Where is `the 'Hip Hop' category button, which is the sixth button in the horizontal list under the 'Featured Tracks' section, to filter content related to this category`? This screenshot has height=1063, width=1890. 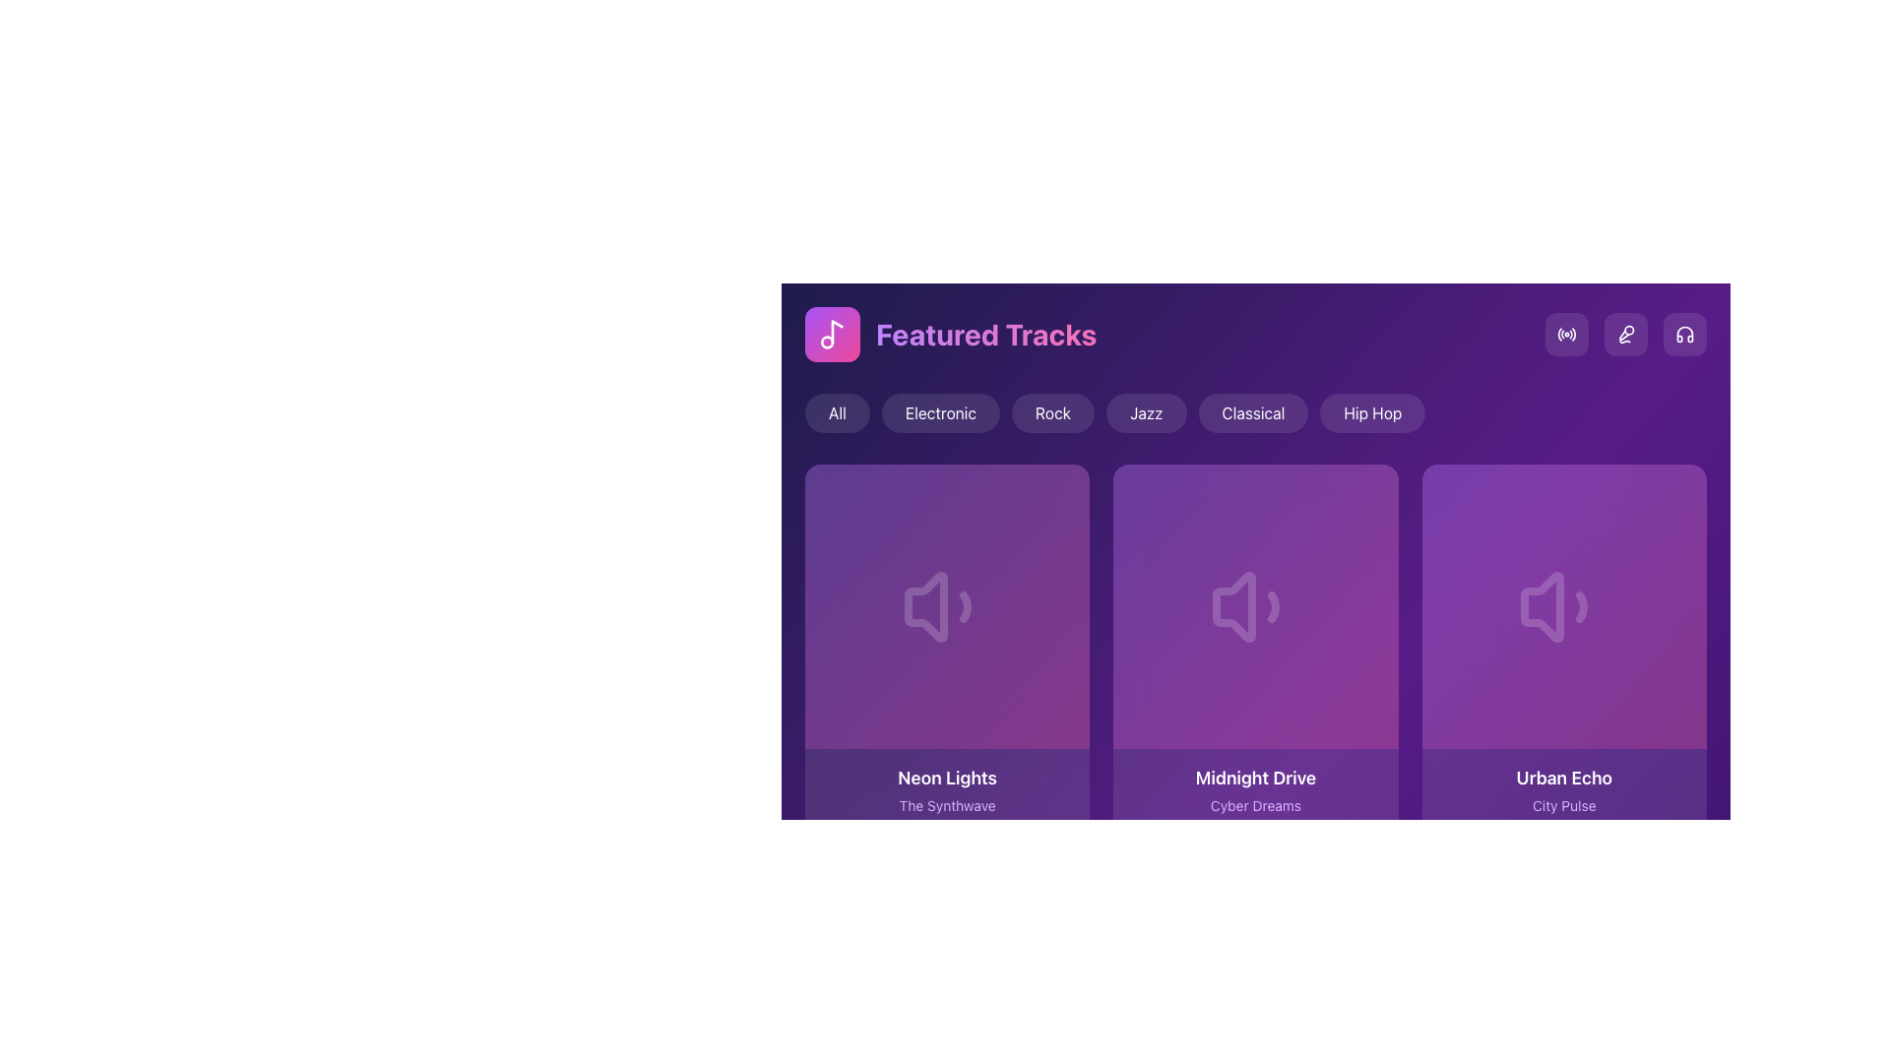 the 'Hip Hop' category button, which is the sixth button in the horizontal list under the 'Featured Tracks' section, to filter content related to this category is located at coordinates (1371, 412).